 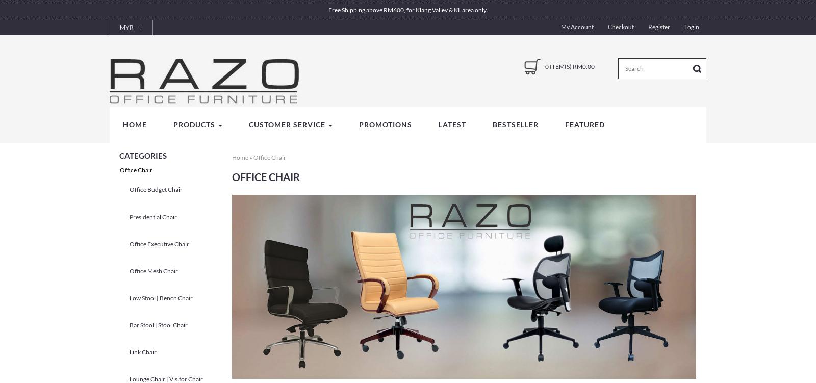 I want to click on 'Products', so click(x=195, y=124).